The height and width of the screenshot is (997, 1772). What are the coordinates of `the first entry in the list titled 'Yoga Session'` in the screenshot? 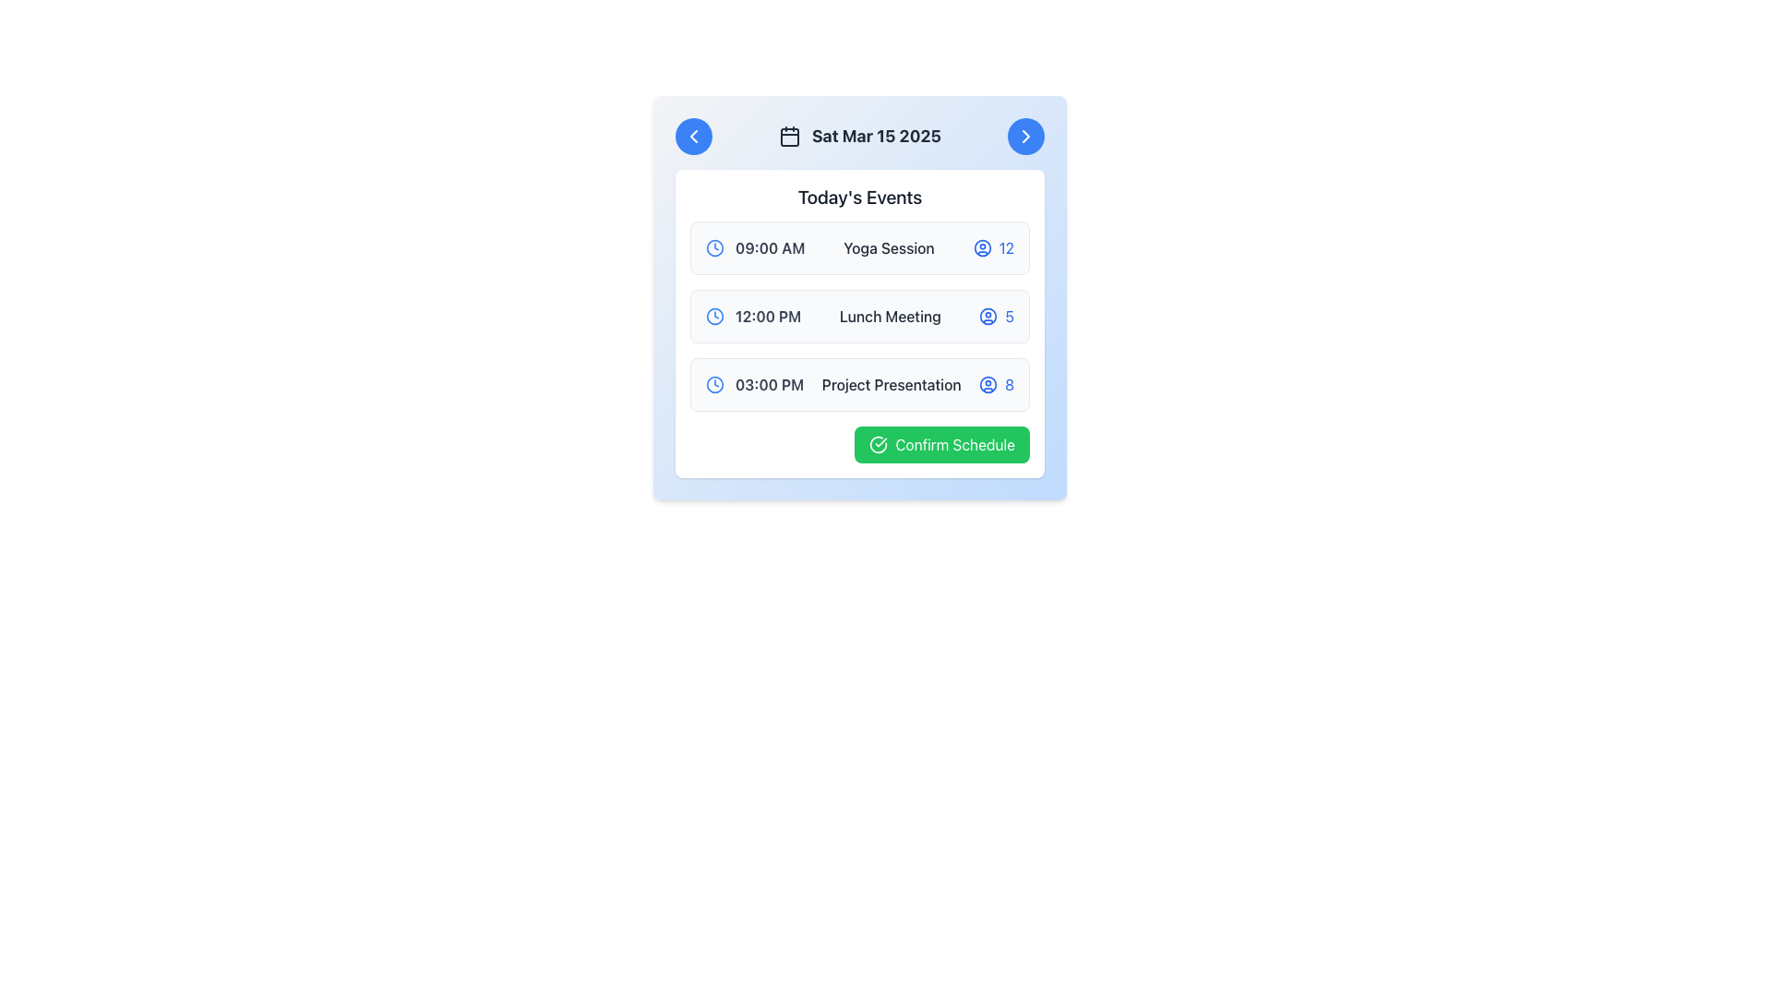 It's located at (858, 247).